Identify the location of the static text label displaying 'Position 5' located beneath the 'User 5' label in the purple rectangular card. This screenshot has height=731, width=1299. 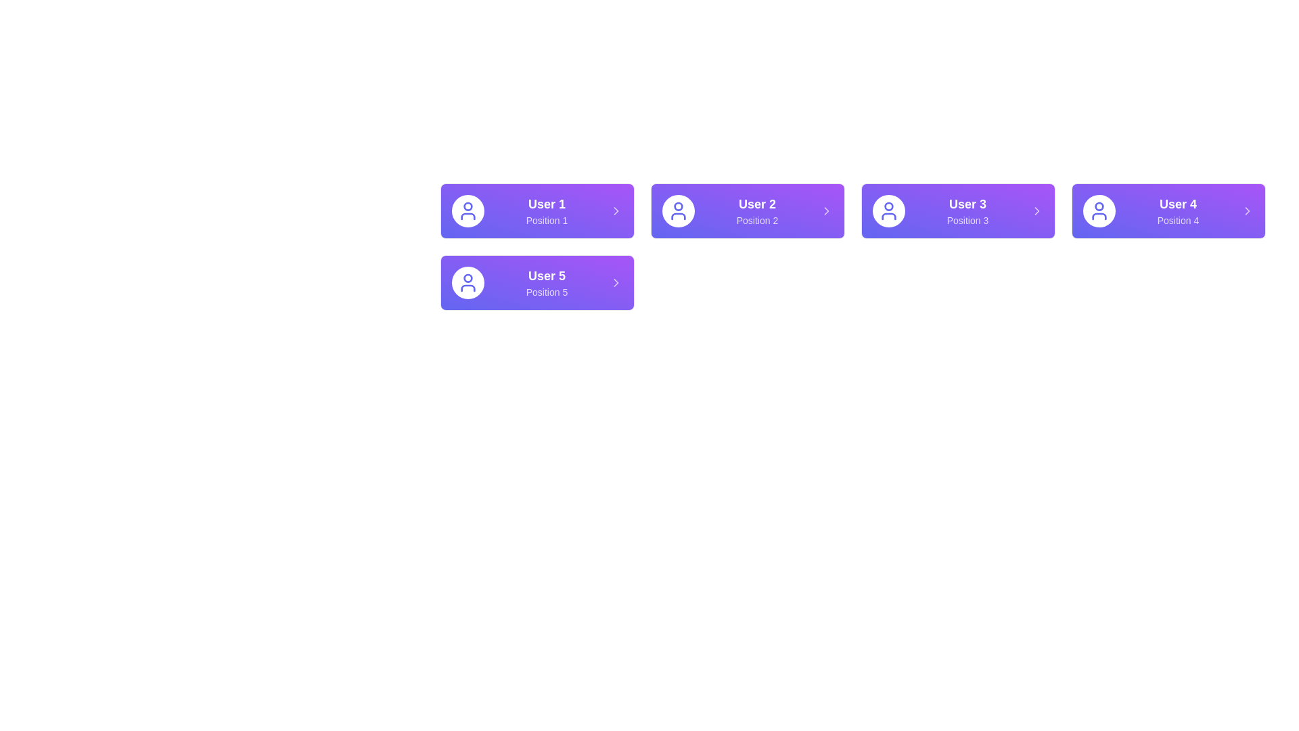
(547, 292).